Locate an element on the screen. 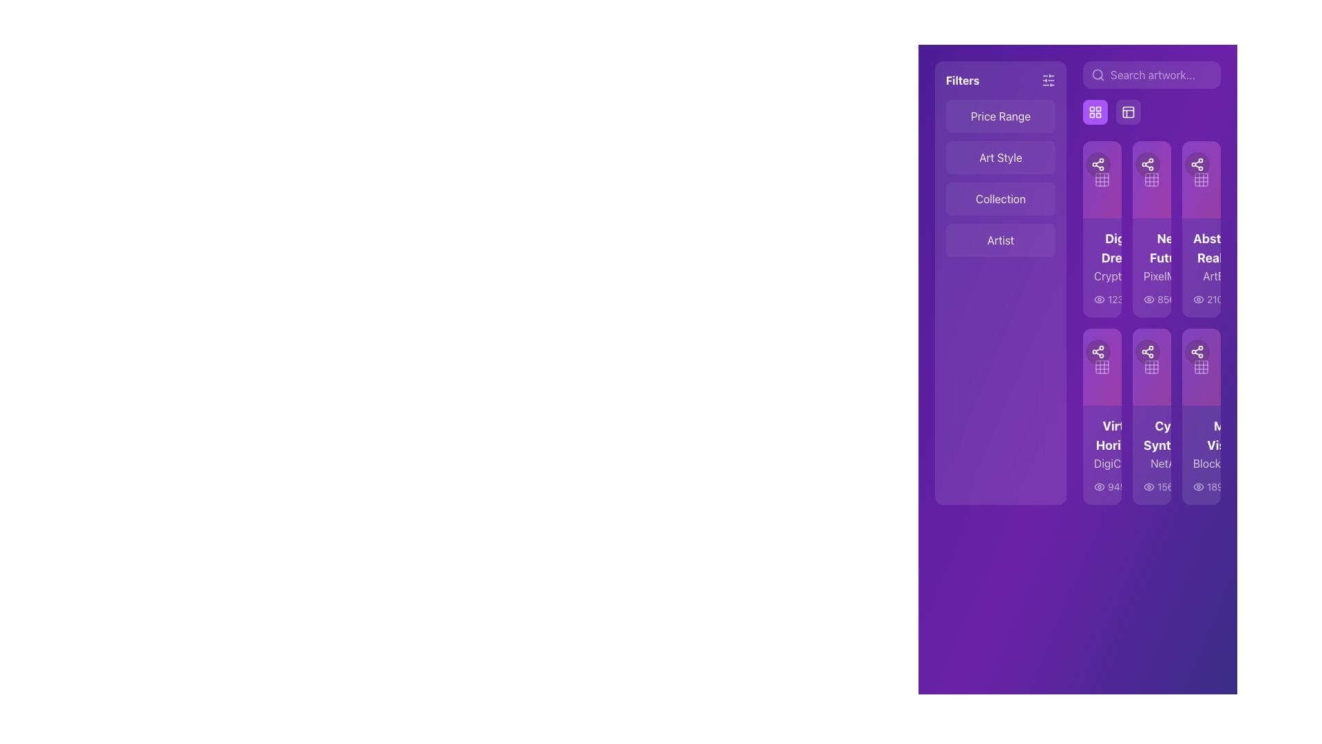 The height and width of the screenshot is (744, 1322). the grid view button located in the lower portion of the card in the fourth column of the grid layout for keyboard interaction is located at coordinates (1102, 366).